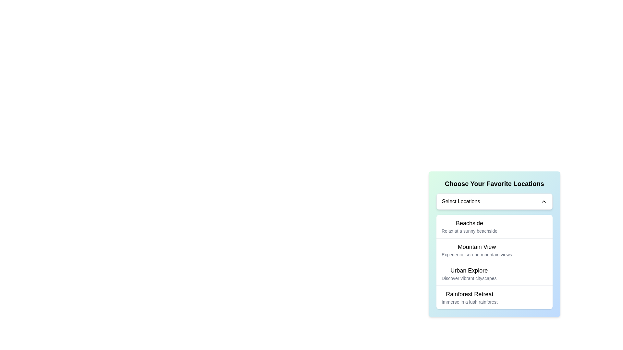  What do you see at coordinates (469, 223) in the screenshot?
I see `the 'Beachside' text label for accessibility purposes` at bounding box center [469, 223].